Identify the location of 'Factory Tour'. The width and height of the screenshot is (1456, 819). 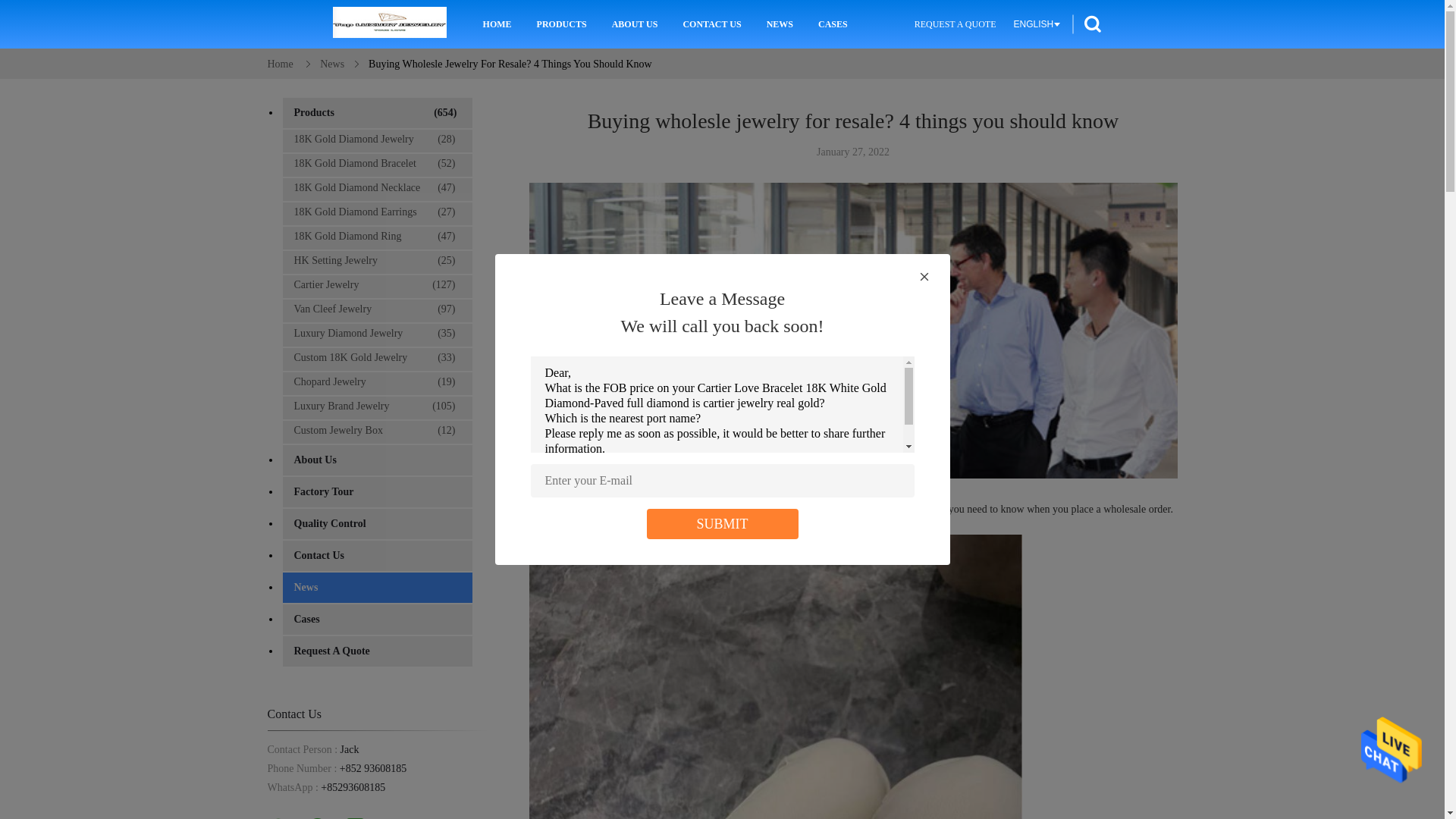
(282, 491).